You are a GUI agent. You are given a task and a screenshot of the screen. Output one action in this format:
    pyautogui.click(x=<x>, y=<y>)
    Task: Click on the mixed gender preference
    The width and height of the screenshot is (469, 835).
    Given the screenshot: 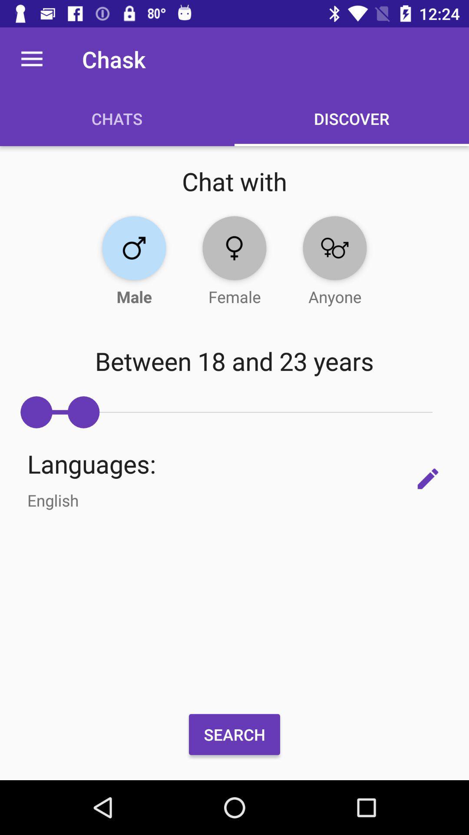 What is the action you would take?
    pyautogui.click(x=334, y=247)
    